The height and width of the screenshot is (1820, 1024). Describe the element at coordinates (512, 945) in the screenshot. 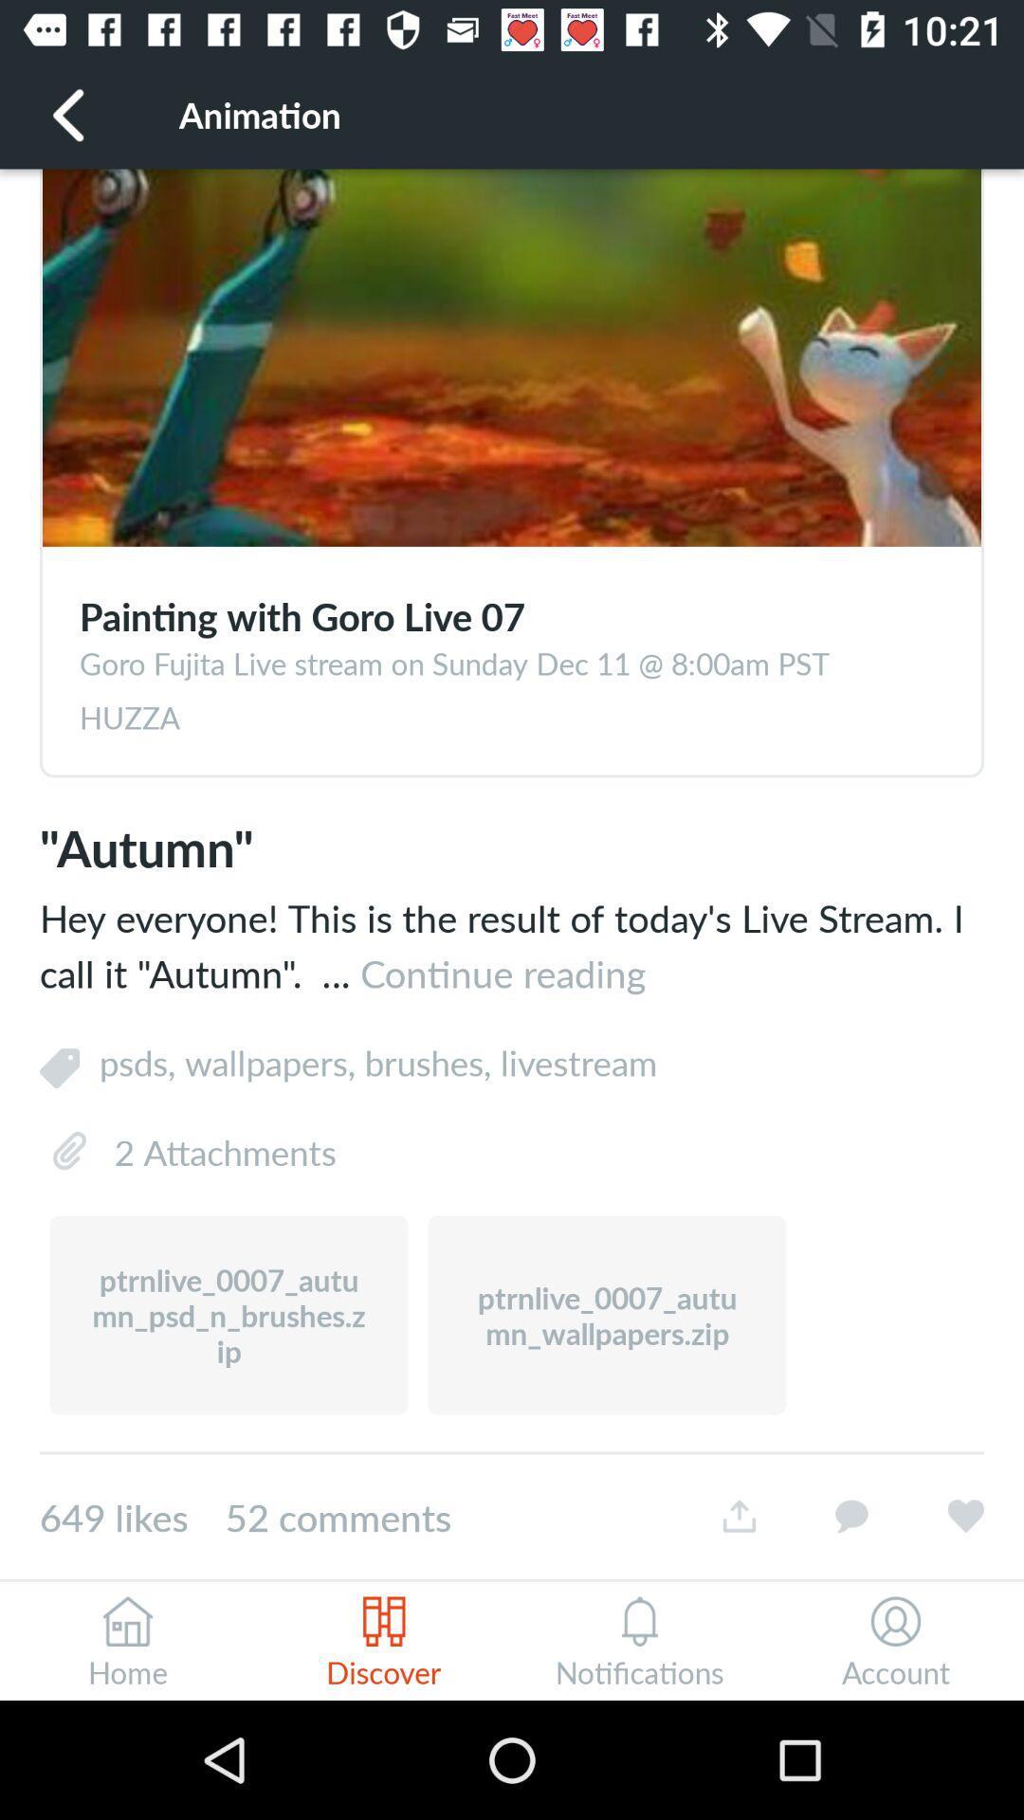

I see `item above psds wallpapers brushes item` at that location.